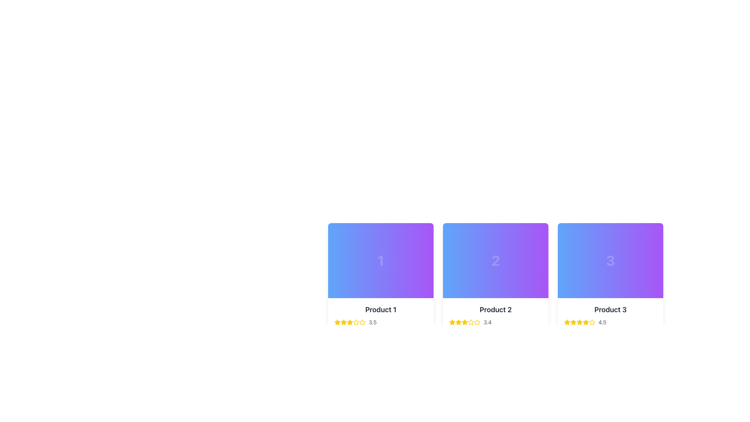  What do you see at coordinates (495, 309) in the screenshot?
I see `the text label displaying 'Product 2', which is styled with a bold and large font and located beneath a gradient rectangle with the number '2', to interact with the product` at bounding box center [495, 309].